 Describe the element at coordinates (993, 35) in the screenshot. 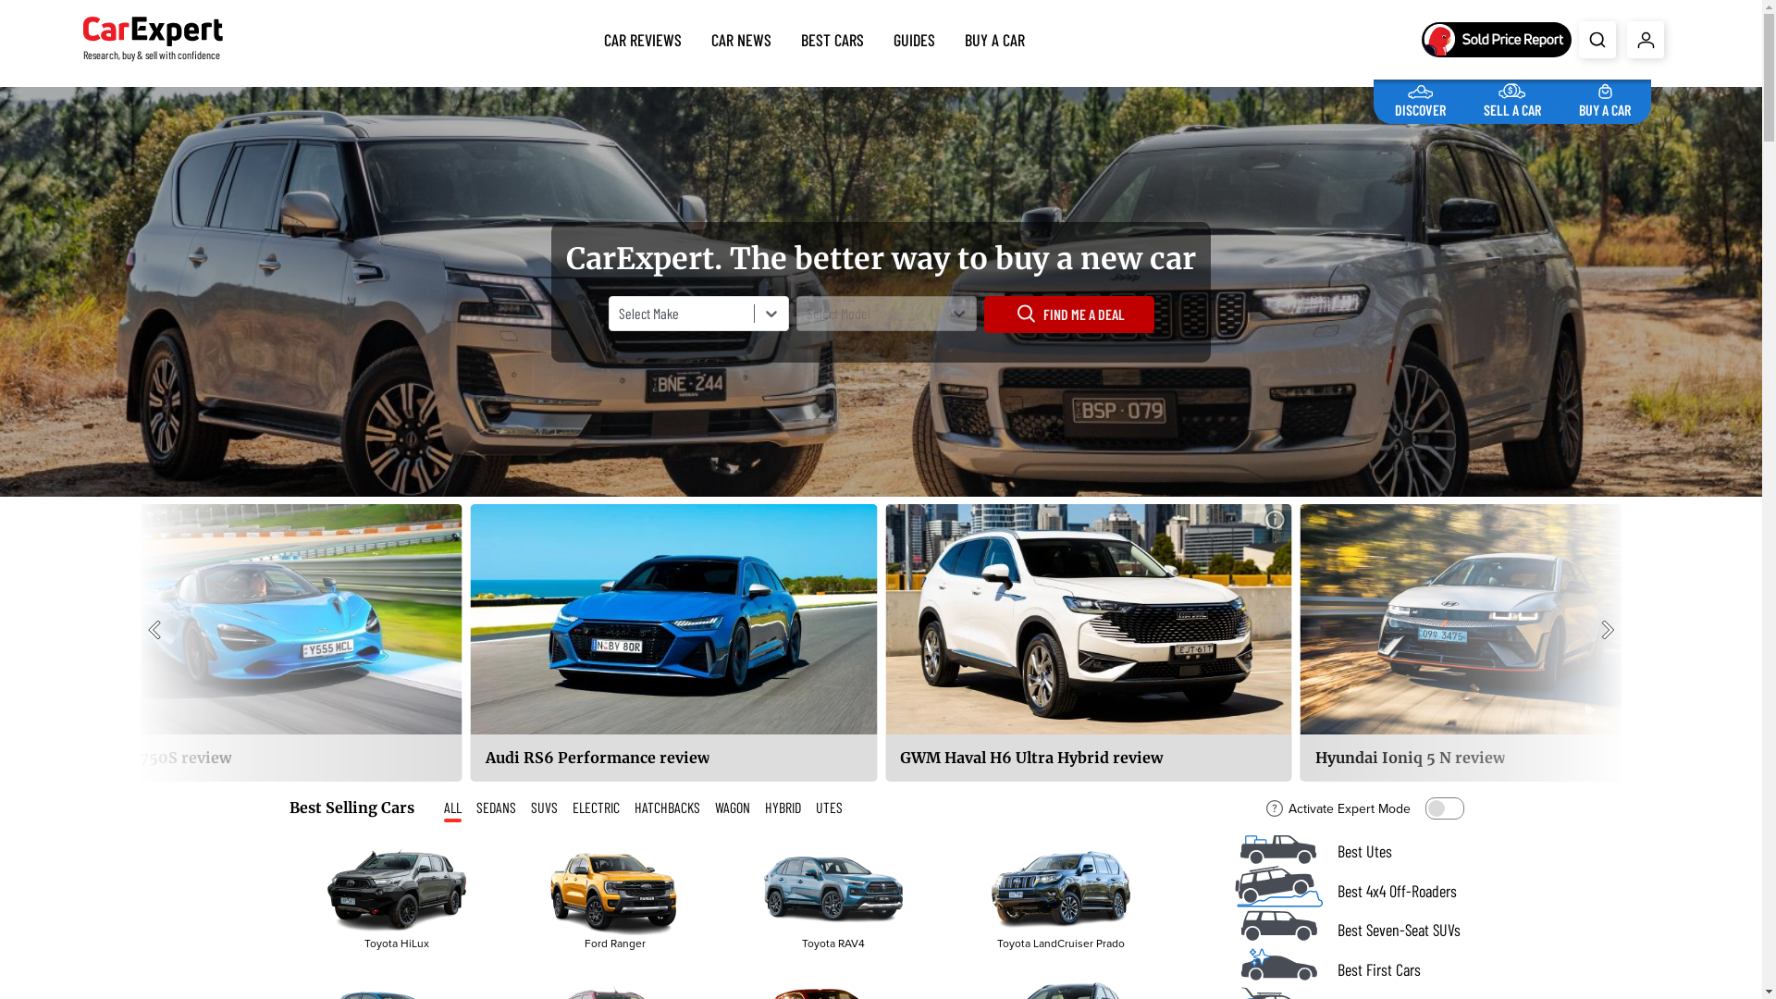

I see `'BUY A CAR'` at that location.